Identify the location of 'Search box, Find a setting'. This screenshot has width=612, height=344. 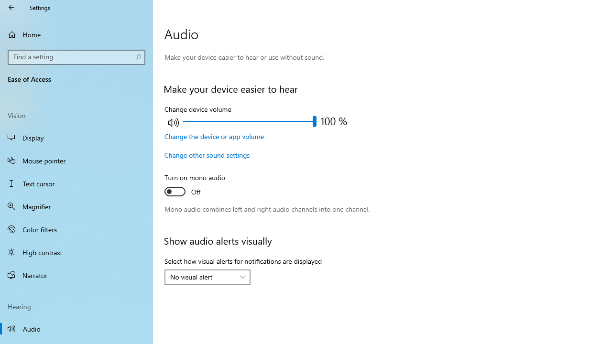
(76, 57).